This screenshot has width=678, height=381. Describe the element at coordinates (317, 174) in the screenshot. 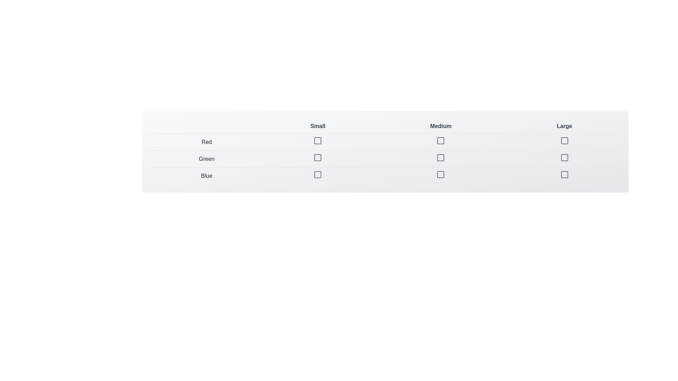

I see `the small square checkbox with a light gray background located in the third row labeled 'Blue' under the 'Small' column` at that location.